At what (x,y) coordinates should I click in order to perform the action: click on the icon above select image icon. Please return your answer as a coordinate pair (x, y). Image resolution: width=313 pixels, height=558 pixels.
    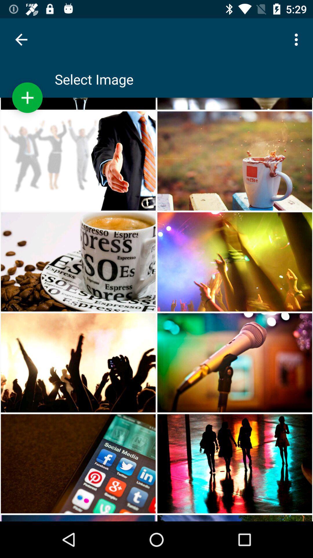
    Looking at the image, I should click on (298, 39).